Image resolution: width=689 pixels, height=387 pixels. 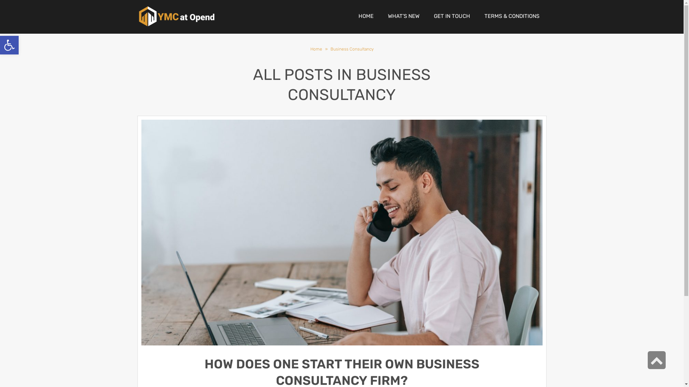 I want to click on 'TERMS & CONDITIONS', so click(x=511, y=16).